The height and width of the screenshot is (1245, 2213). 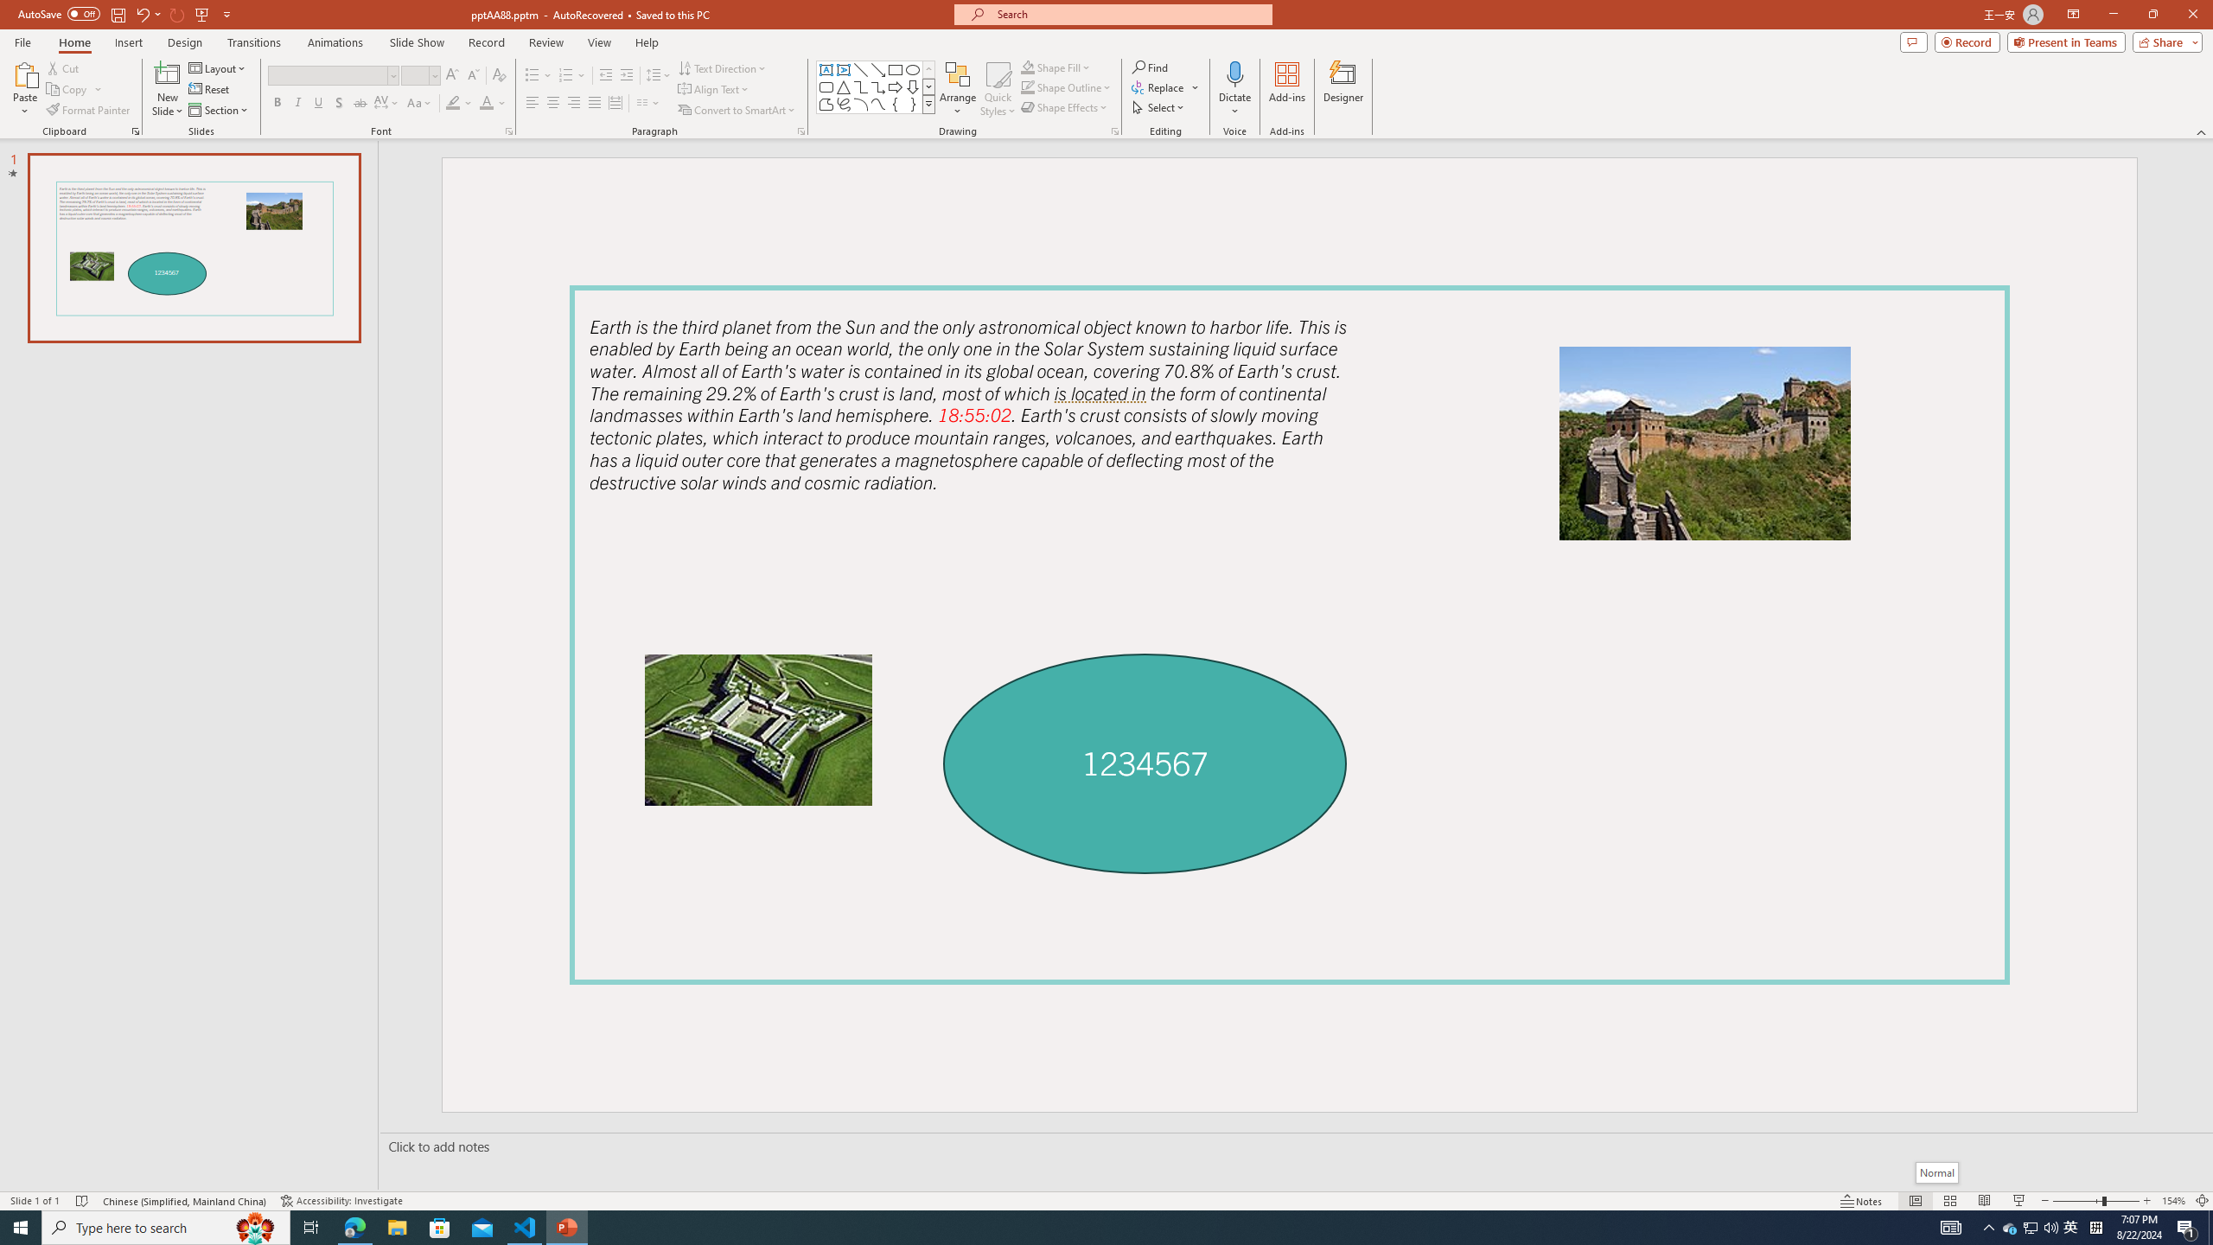 What do you see at coordinates (648, 102) in the screenshot?
I see `'Columns'` at bounding box center [648, 102].